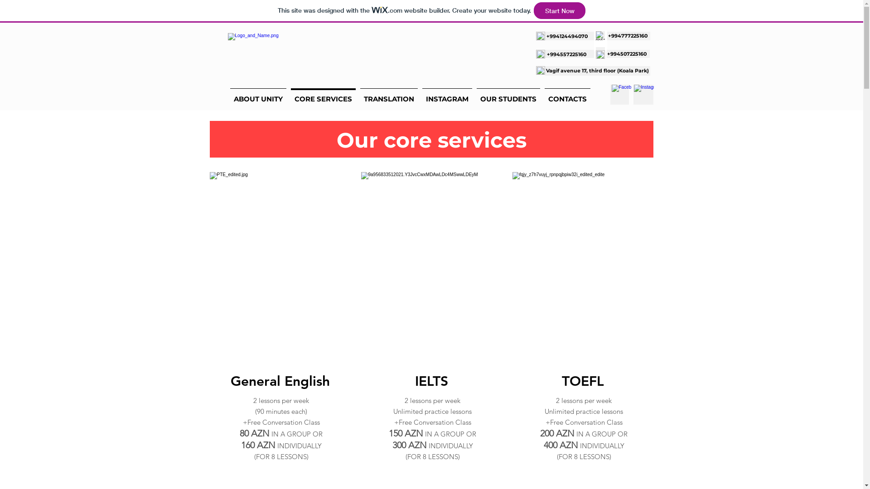 Image resolution: width=870 pixels, height=489 pixels. What do you see at coordinates (358, 95) in the screenshot?
I see `'TRANSLATION'` at bounding box center [358, 95].